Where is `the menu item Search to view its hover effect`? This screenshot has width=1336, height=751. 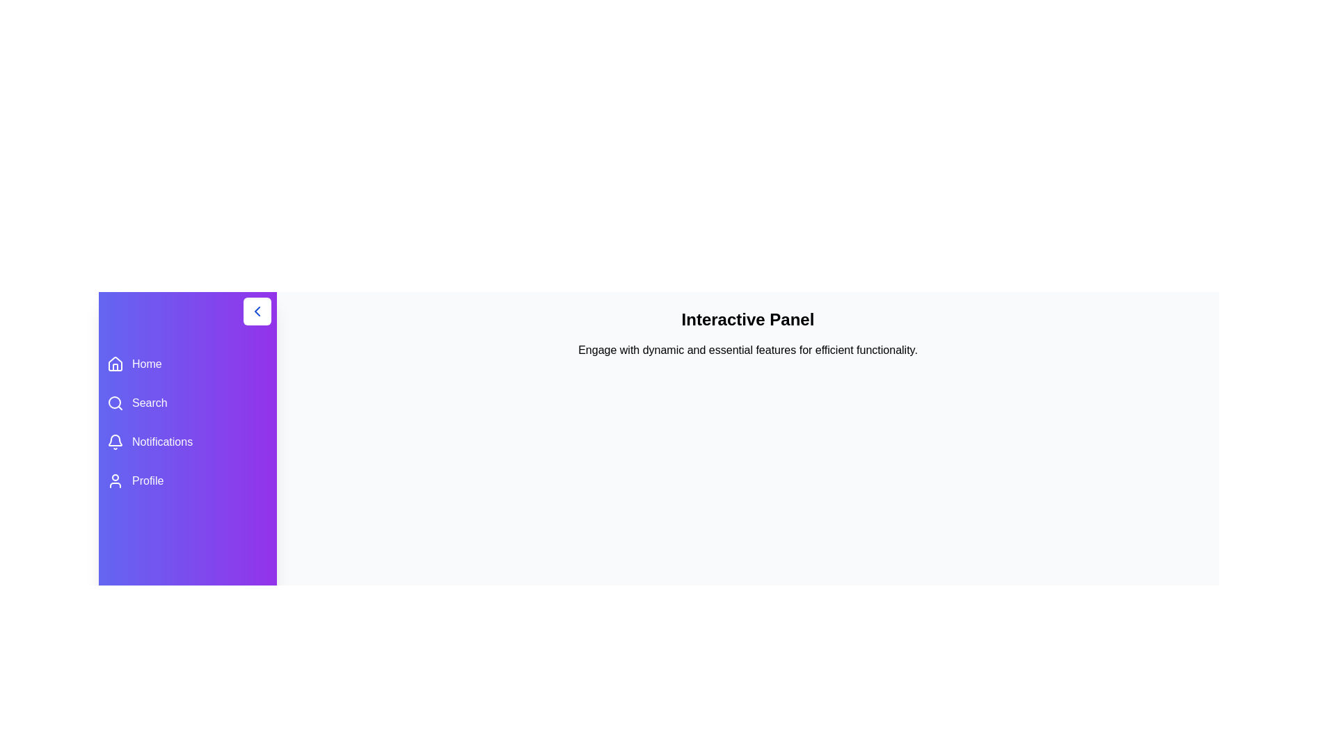
the menu item Search to view its hover effect is located at coordinates (186, 403).